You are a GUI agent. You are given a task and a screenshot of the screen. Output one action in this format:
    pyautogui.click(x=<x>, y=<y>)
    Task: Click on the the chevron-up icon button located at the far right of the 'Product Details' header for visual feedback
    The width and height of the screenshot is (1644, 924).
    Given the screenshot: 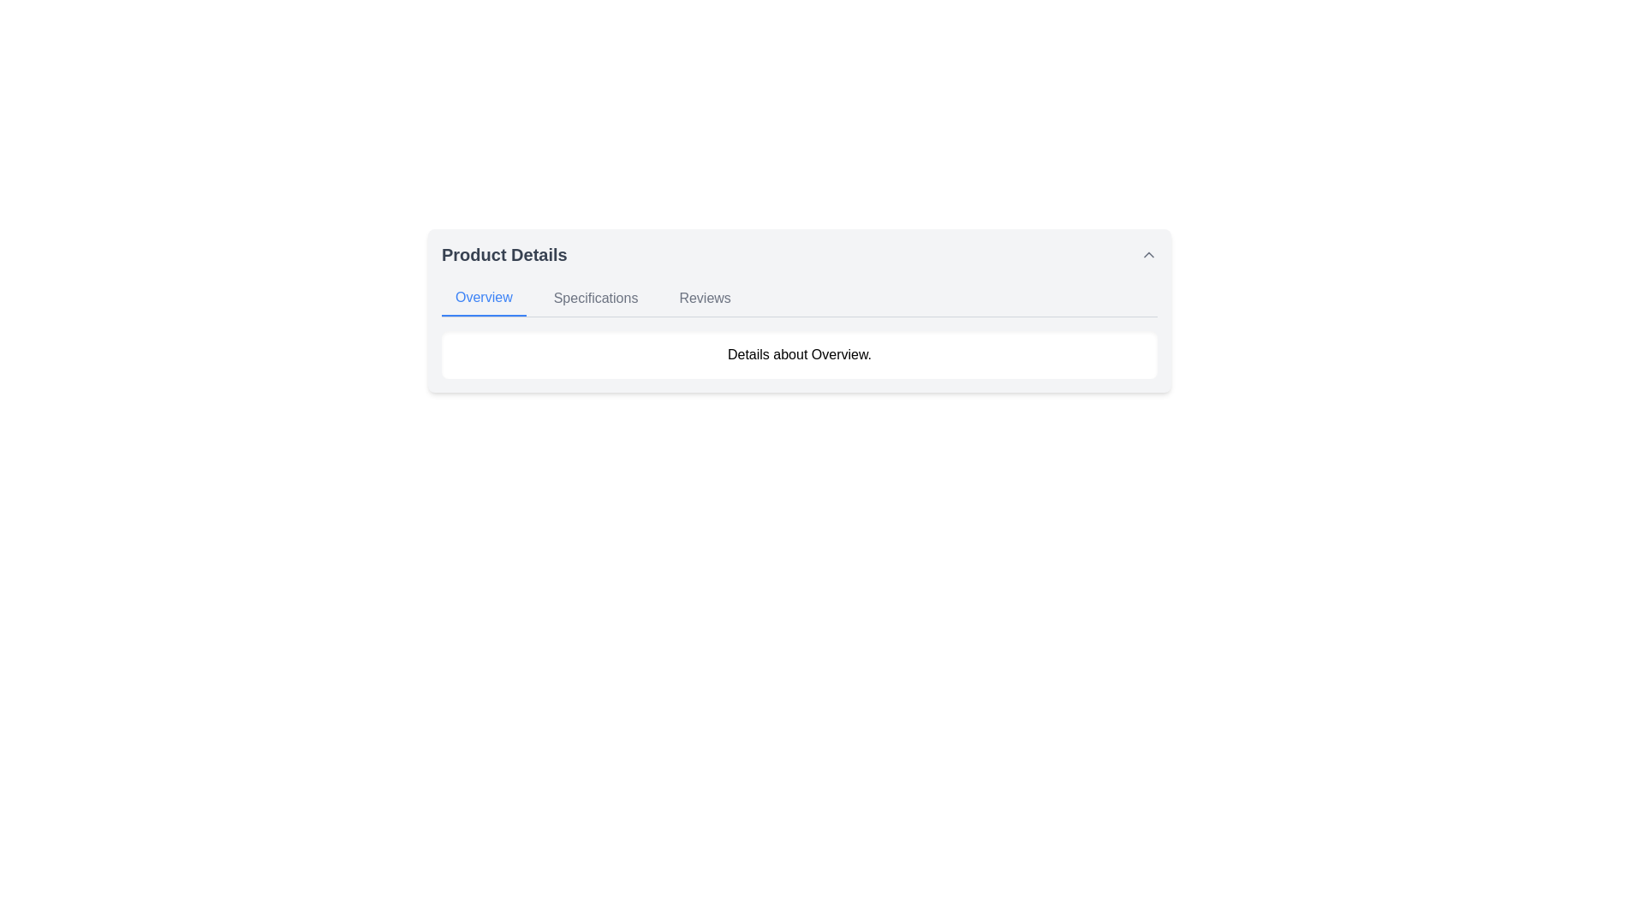 What is the action you would take?
    pyautogui.click(x=1149, y=254)
    